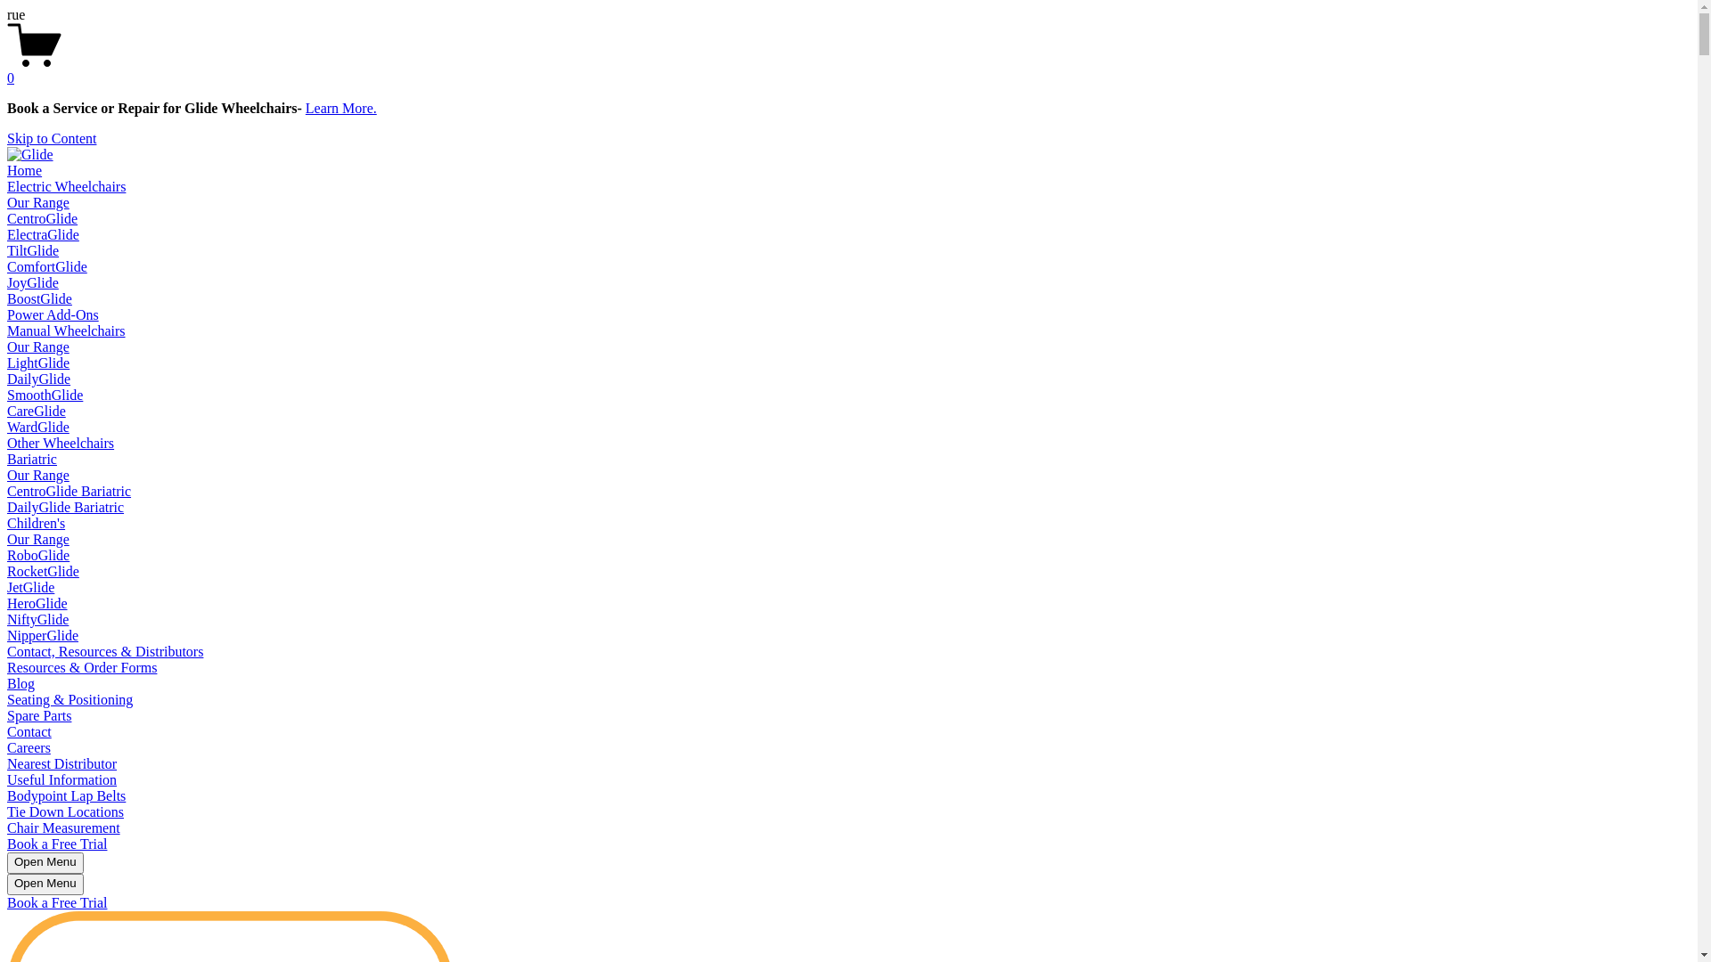  I want to click on 'Other Wheelchairs', so click(60, 442).